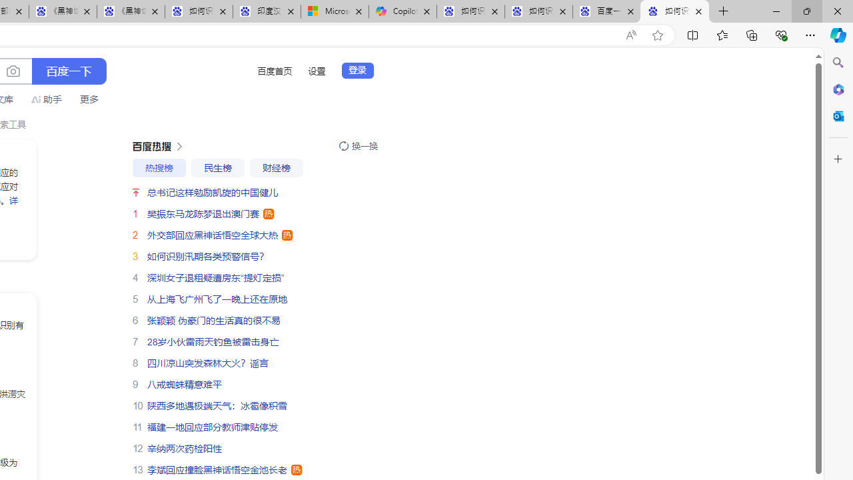 Image resolution: width=853 pixels, height=480 pixels. I want to click on 'Copilot', so click(402, 11).